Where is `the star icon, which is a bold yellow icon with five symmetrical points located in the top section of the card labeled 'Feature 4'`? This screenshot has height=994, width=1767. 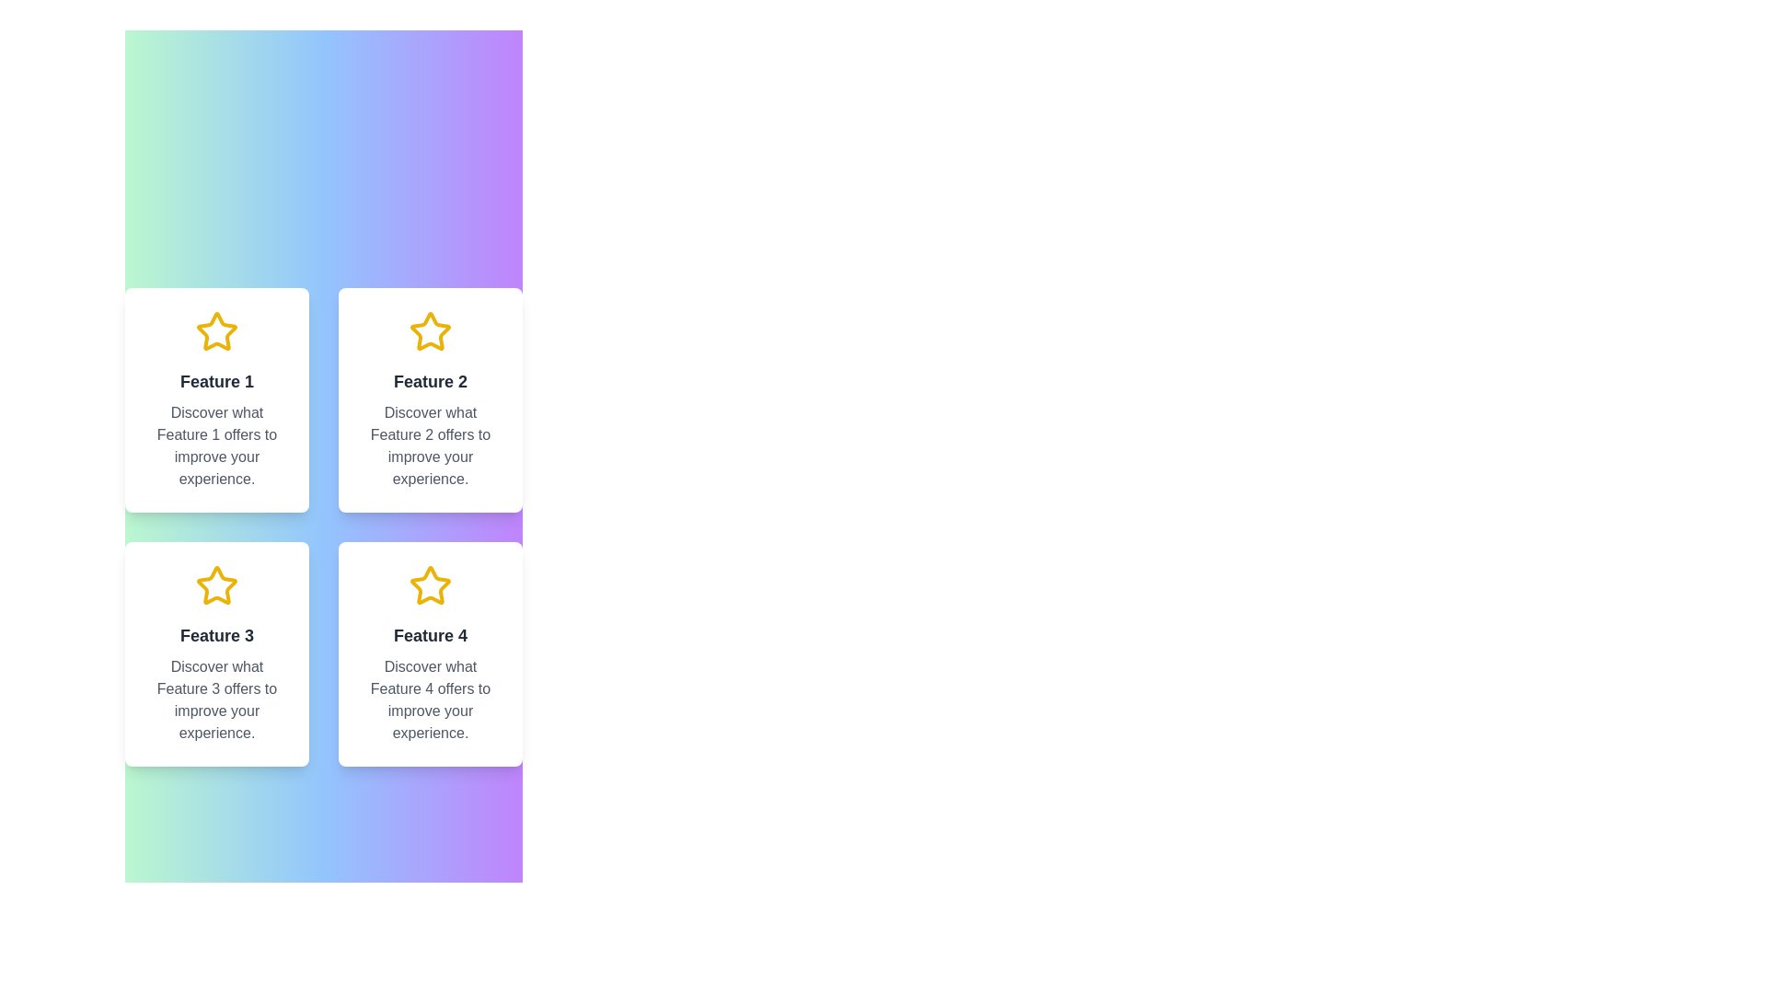
the star icon, which is a bold yellow icon with five symmetrical points located in the top section of the card labeled 'Feature 4' is located at coordinates (429, 585).